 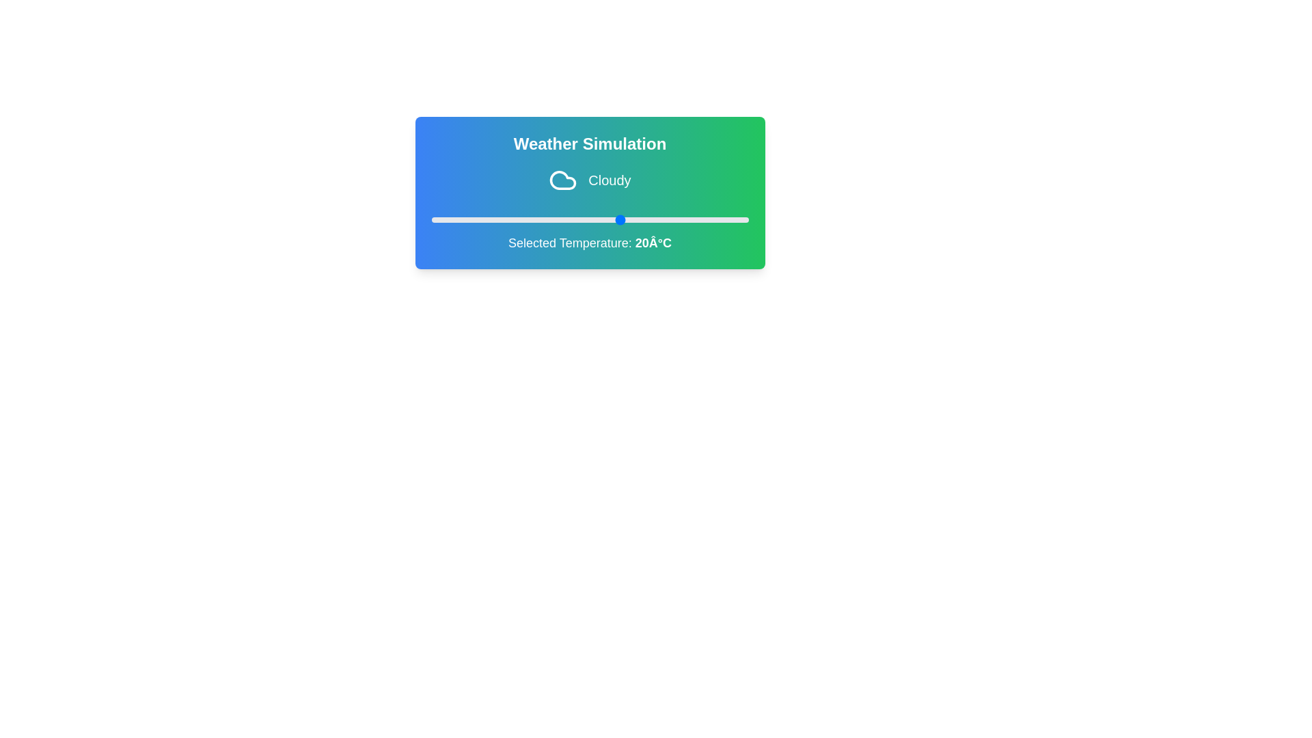 I want to click on the temperature, so click(x=476, y=219).